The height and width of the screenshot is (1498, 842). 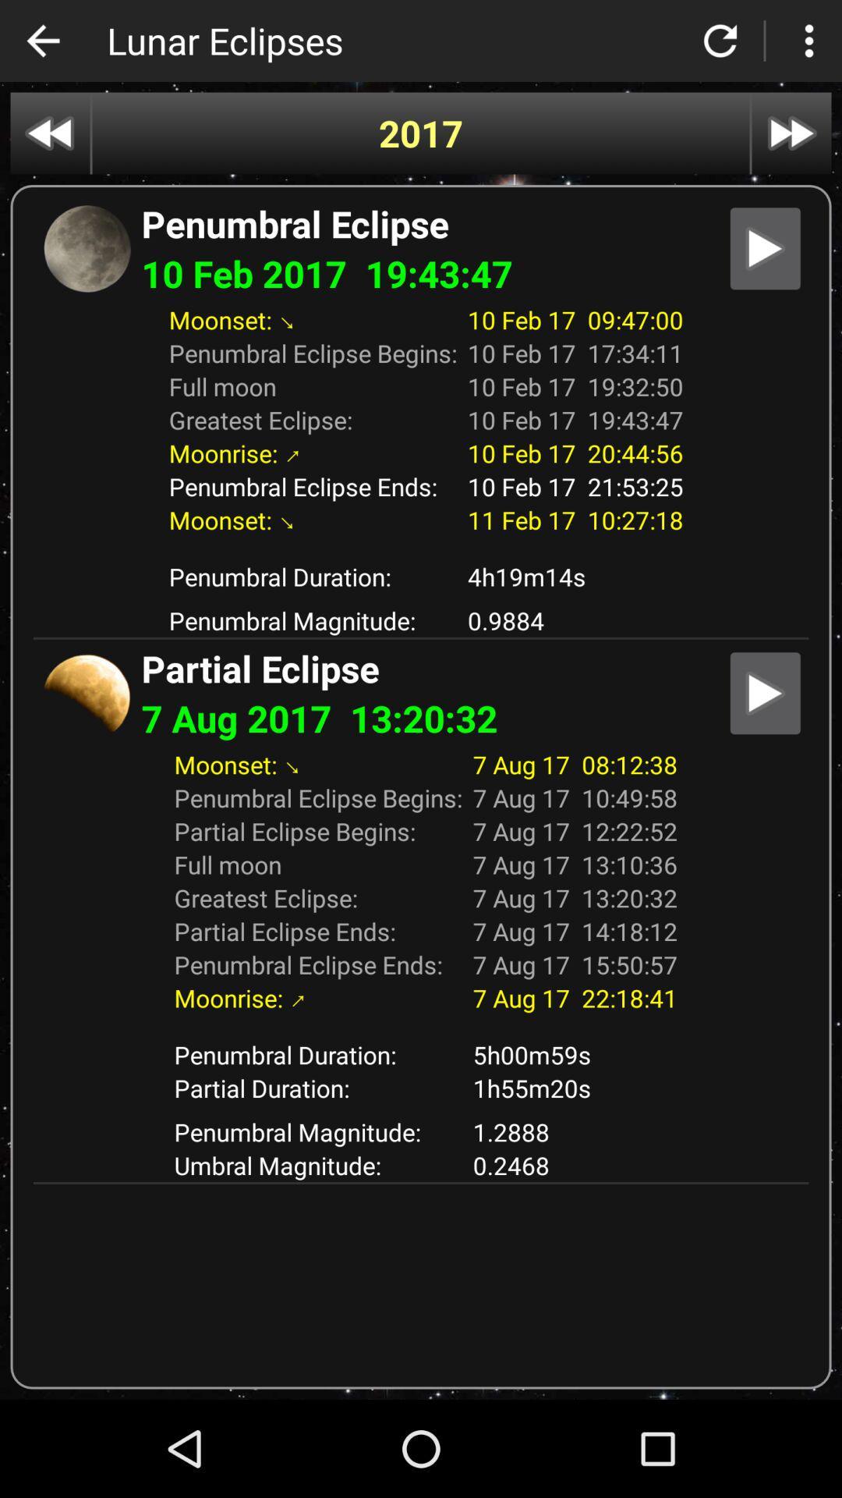 What do you see at coordinates (575, 576) in the screenshot?
I see `the icon next to the penumbral duration: item` at bounding box center [575, 576].